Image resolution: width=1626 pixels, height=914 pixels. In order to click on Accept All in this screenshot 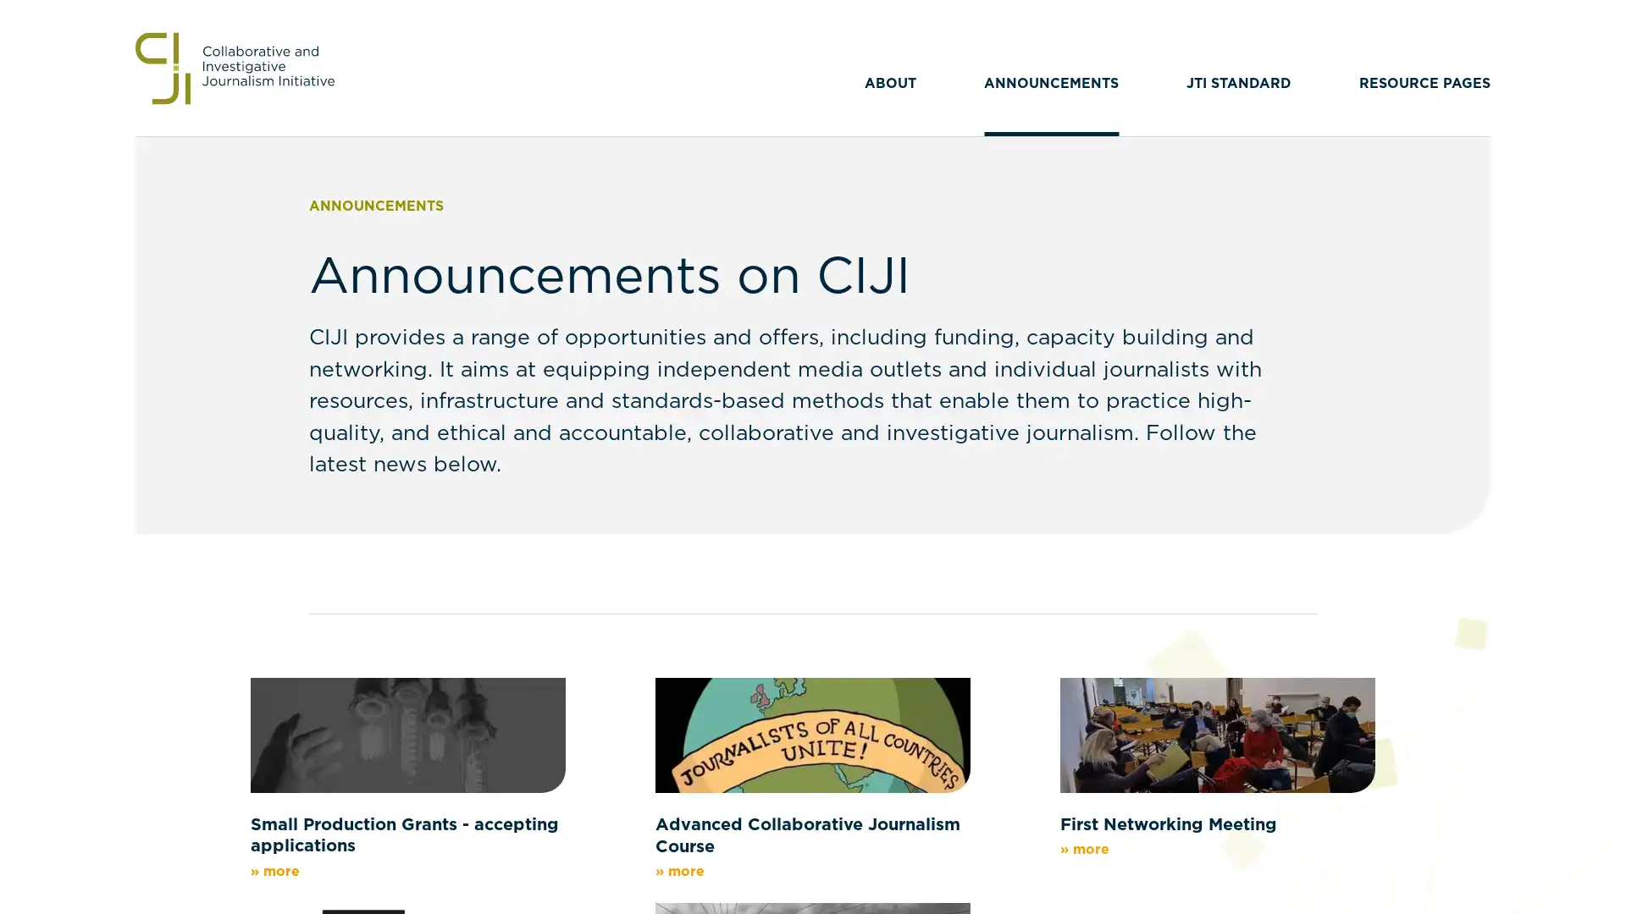, I will do `click(979, 574)`.